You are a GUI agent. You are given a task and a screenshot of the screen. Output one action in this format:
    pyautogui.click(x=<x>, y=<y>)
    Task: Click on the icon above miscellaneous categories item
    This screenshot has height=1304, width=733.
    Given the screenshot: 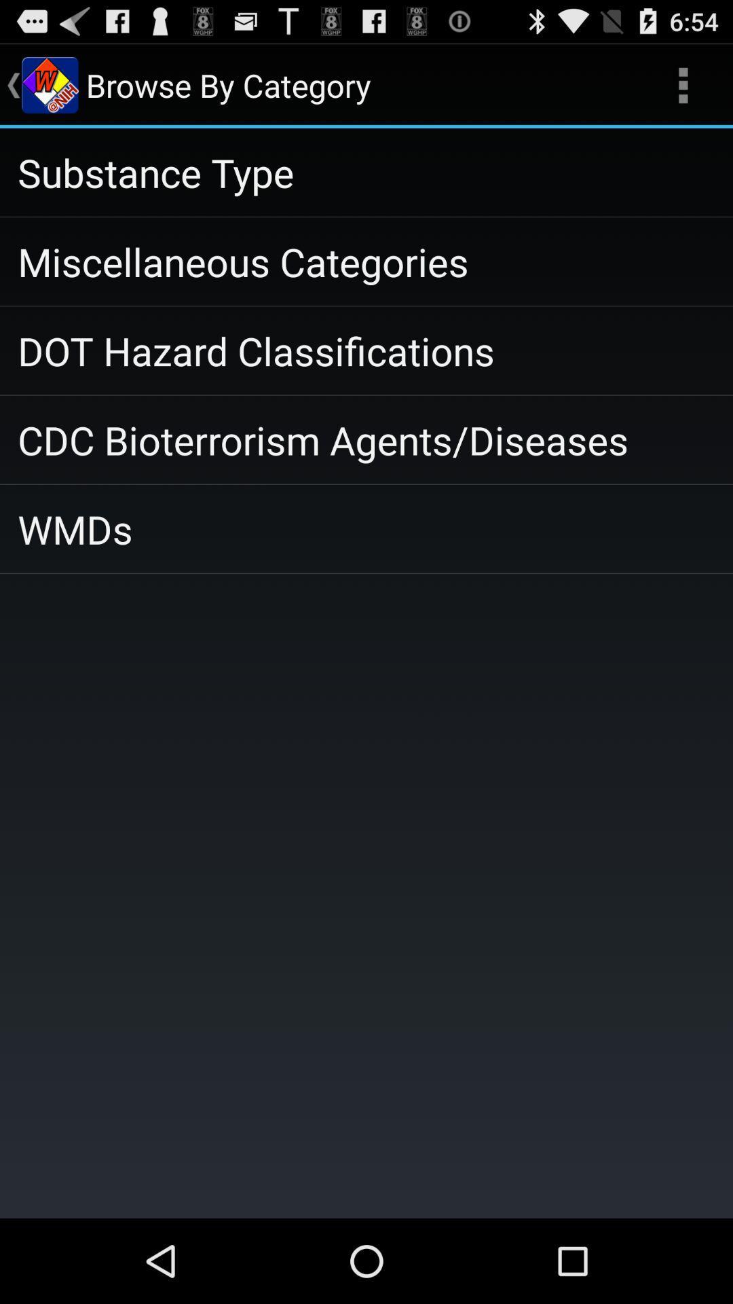 What is the action you would take?
    pyautogui.click(x=366, y=171)
    